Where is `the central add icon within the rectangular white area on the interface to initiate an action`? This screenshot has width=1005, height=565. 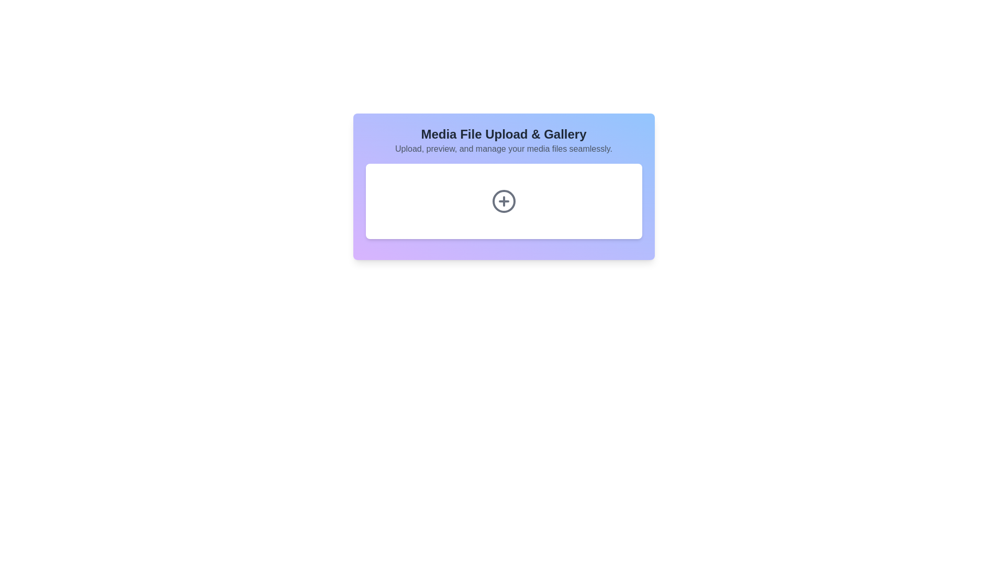
the central add icon within the rectangular white area on the interface to initiate an action is located at coordinates (504, 201).